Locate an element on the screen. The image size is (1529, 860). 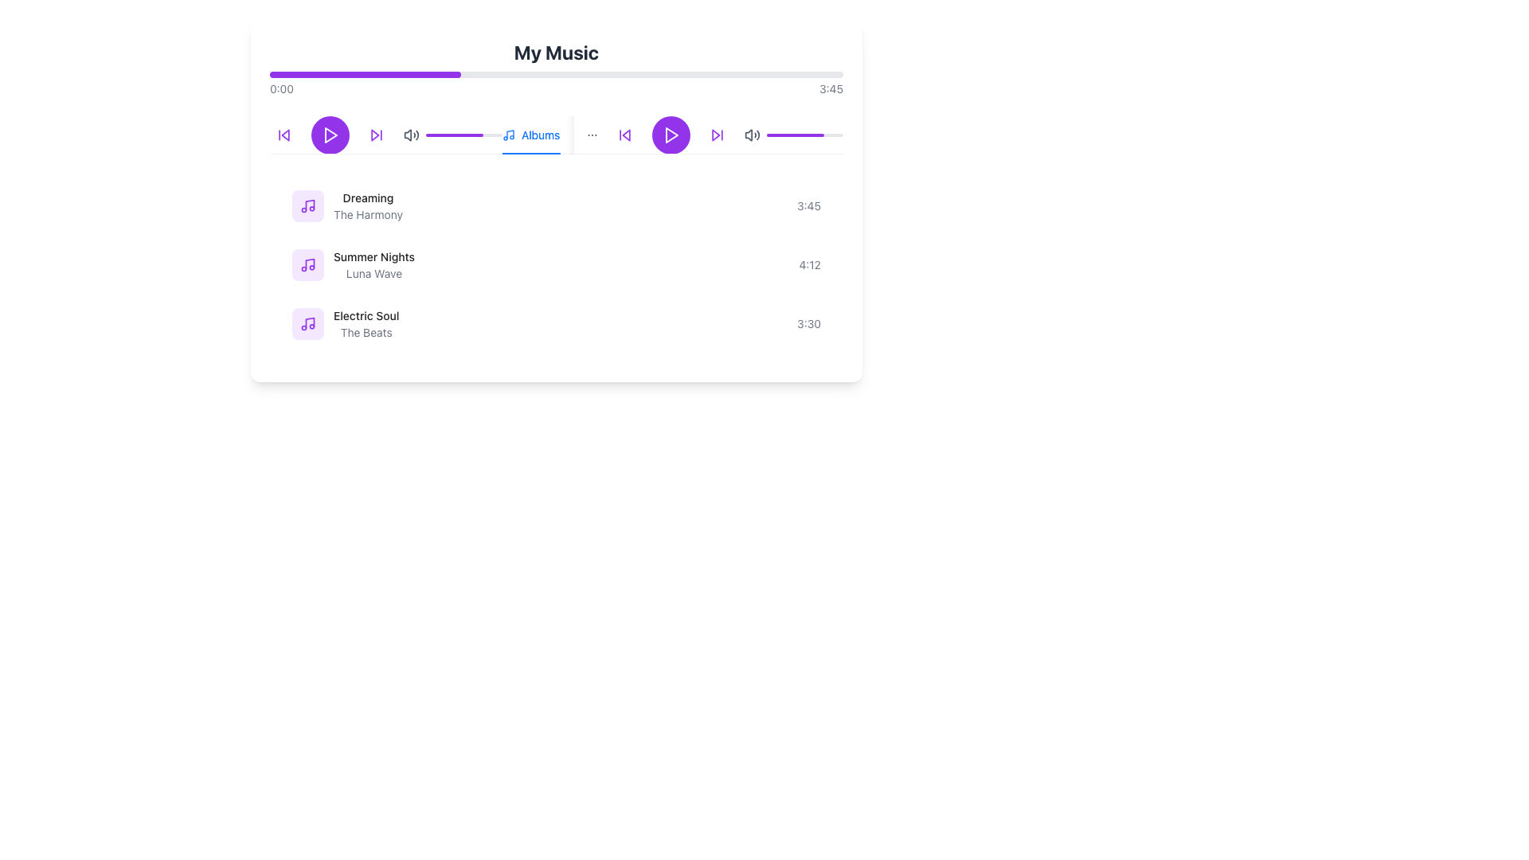
playback position is located at coordinates (432, 134).